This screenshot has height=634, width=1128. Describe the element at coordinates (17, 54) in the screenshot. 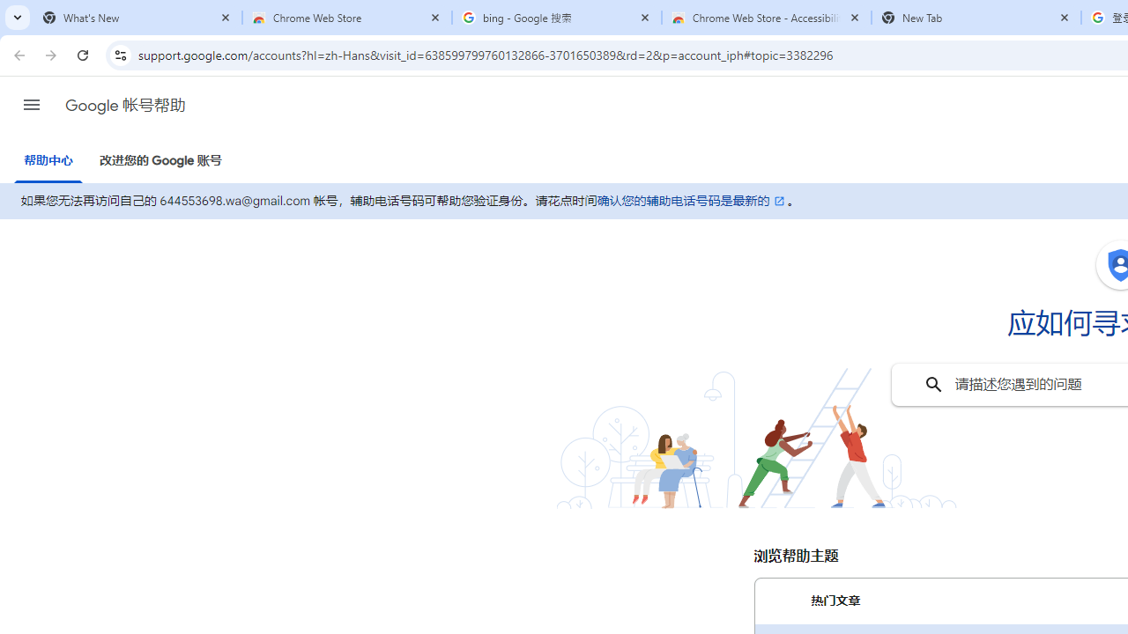

I see `'Back'` at that location.